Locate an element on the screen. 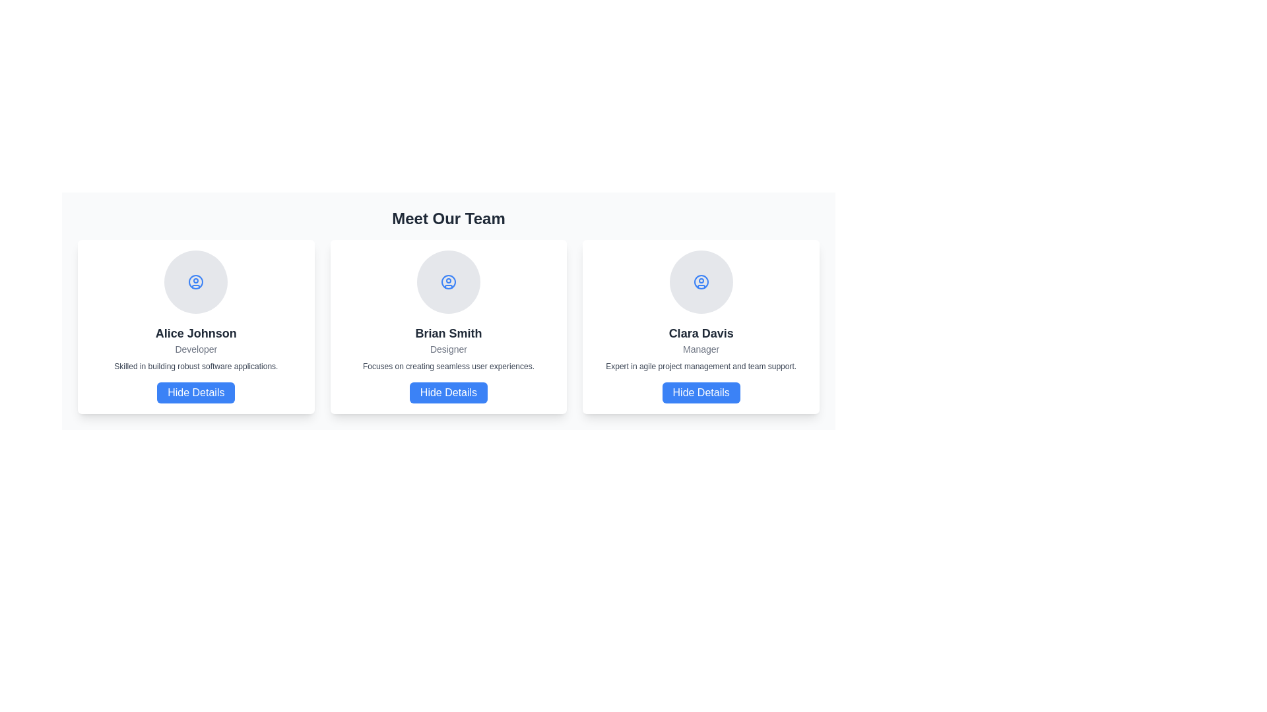  the user circle icon with a blue outline representing the profile of 'Alice Johnson, Developer', which is located at the center of the leftmost card under the 'Meet Our Team' heading is located at coordinates (195, 282).